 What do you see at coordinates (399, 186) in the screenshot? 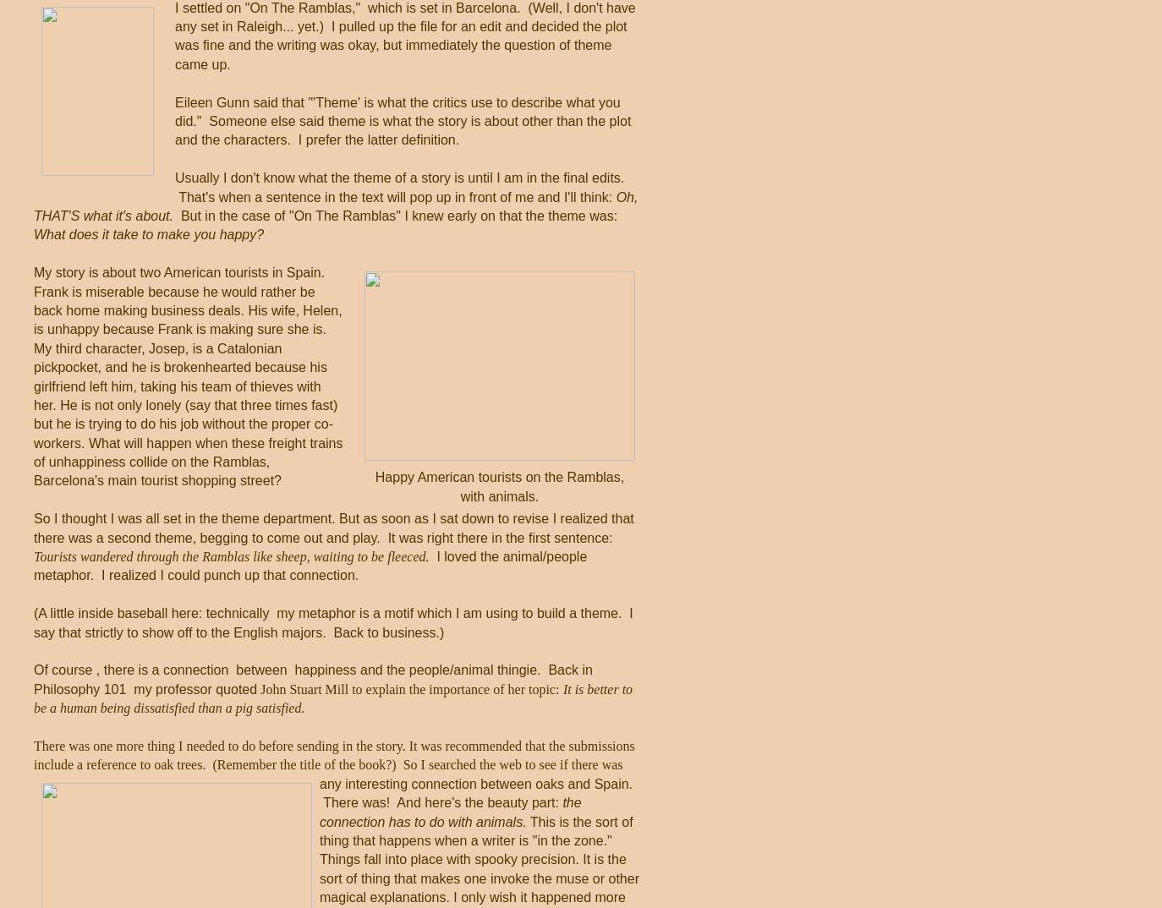
I see `'Usually
I don't know what the theme of a story is until I am in the final
edits.  That's when a sentence in the text will pop up in front of me and I'll think:'` at bounding box center [399, 186].